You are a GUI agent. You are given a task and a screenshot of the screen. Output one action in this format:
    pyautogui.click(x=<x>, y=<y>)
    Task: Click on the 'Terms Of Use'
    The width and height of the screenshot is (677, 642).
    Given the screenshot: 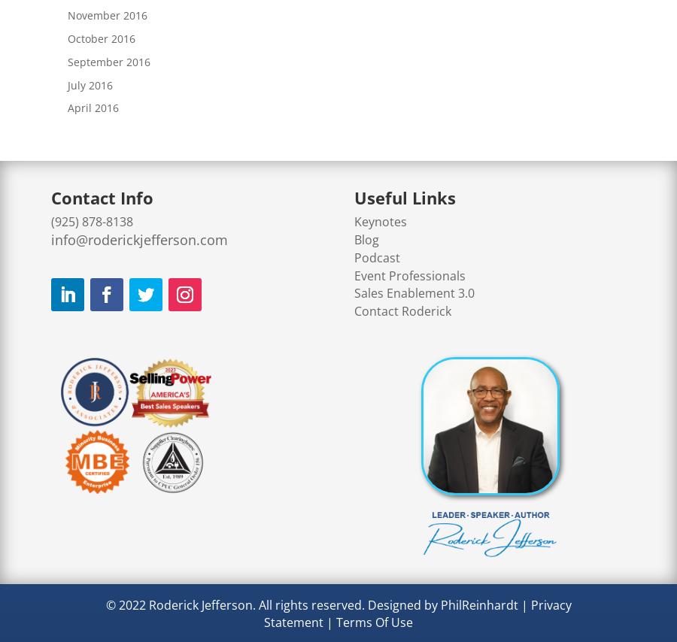 What is the action you would take?
    pyautogui.click(x=373, y=622)
    